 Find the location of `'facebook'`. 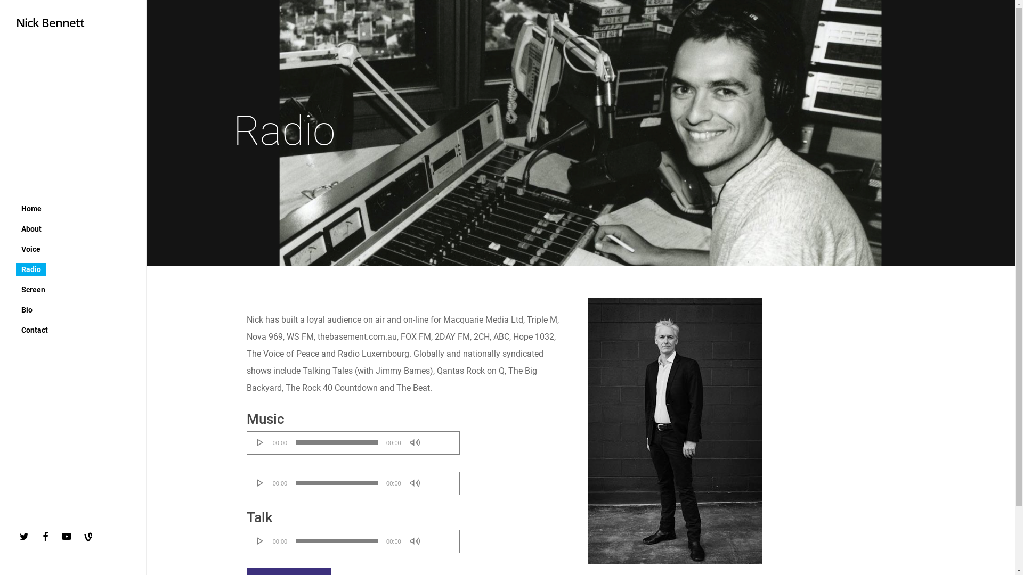

'facebook' is located at coordinates (47, 536).